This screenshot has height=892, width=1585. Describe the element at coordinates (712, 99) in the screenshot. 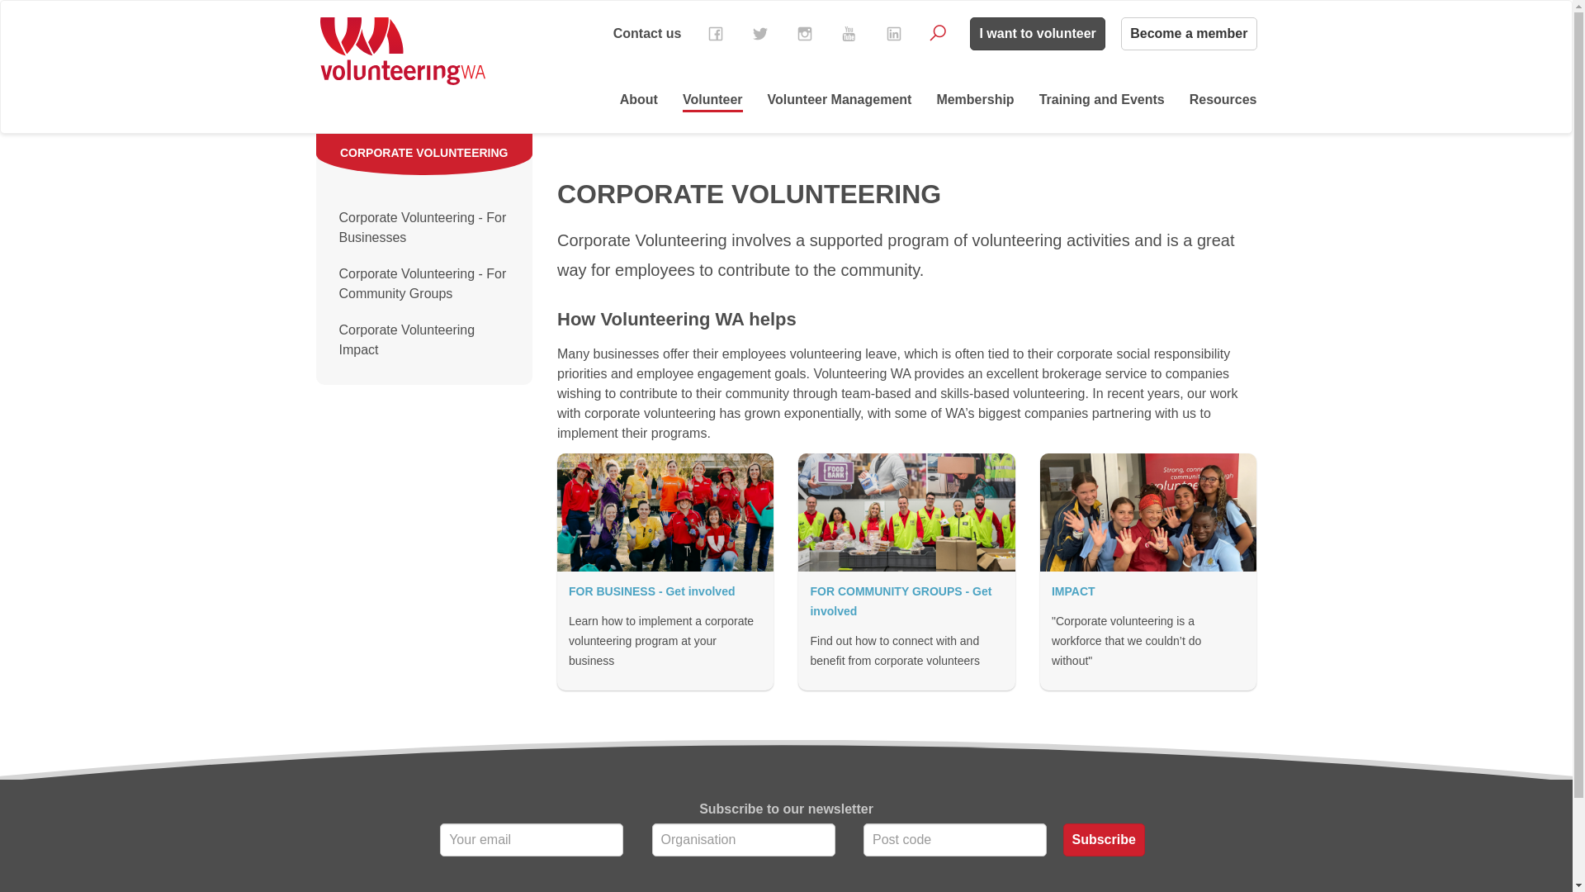

I see `'Volunteer'` at that location.